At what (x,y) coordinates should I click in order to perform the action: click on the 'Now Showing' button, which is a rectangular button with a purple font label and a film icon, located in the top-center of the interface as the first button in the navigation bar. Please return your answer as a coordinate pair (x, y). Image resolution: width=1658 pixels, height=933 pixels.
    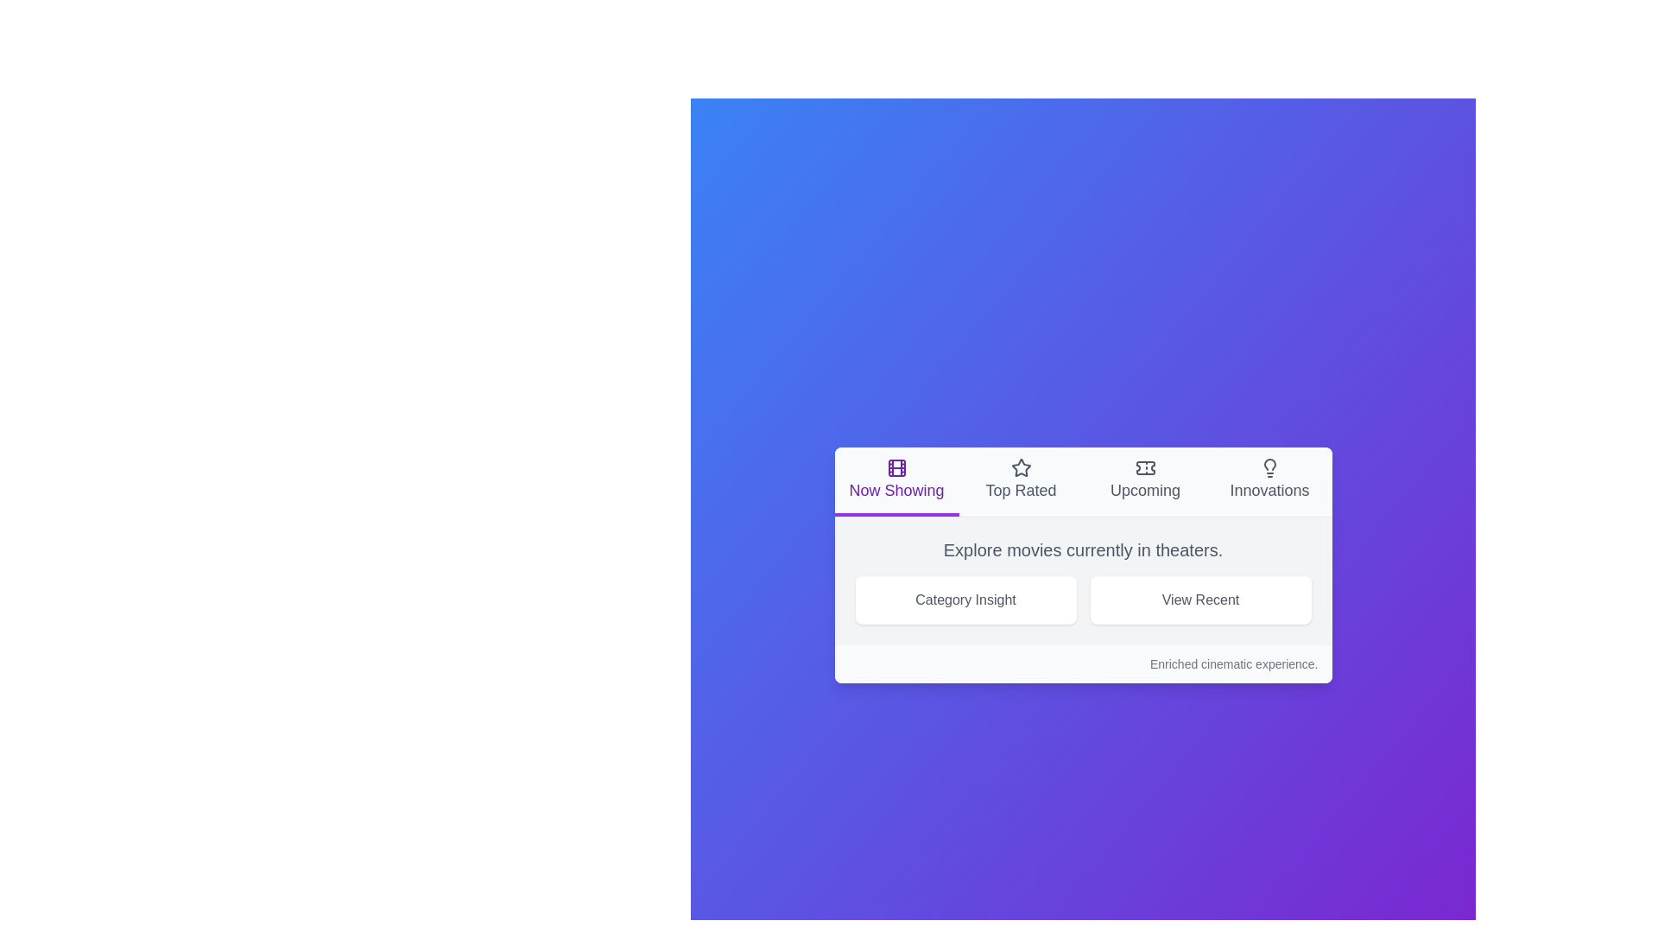
    Looking at the image, I should click on (896, 481).